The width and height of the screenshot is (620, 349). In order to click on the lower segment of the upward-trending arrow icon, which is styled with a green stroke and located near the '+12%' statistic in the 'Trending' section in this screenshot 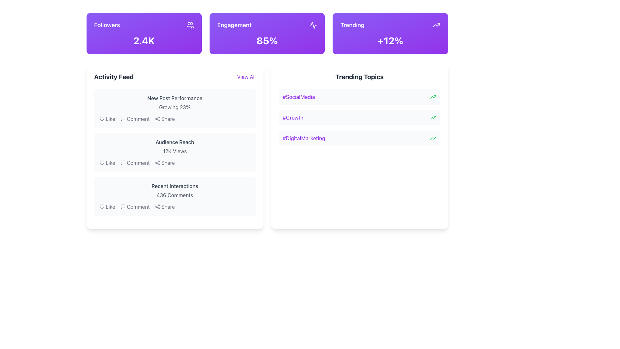, I will do `click(433, 97)`.